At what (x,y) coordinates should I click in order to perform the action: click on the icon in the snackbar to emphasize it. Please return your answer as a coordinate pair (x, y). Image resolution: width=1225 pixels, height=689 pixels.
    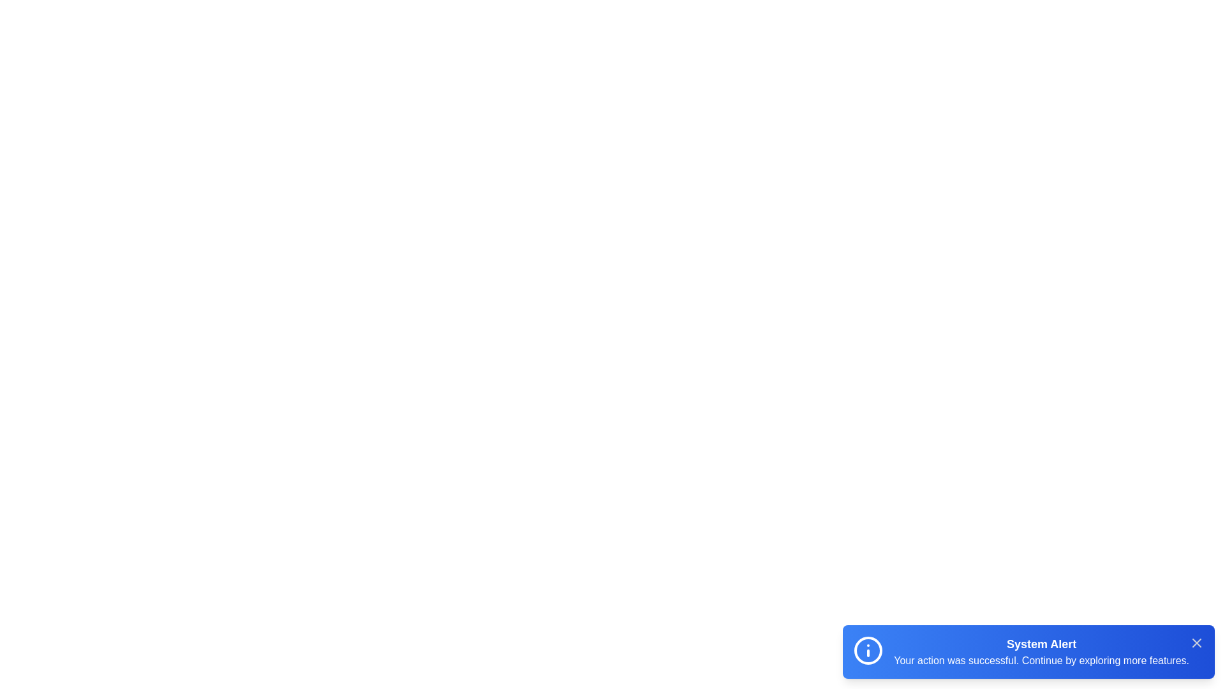
    Looking at the image, I should click on (868, 650).